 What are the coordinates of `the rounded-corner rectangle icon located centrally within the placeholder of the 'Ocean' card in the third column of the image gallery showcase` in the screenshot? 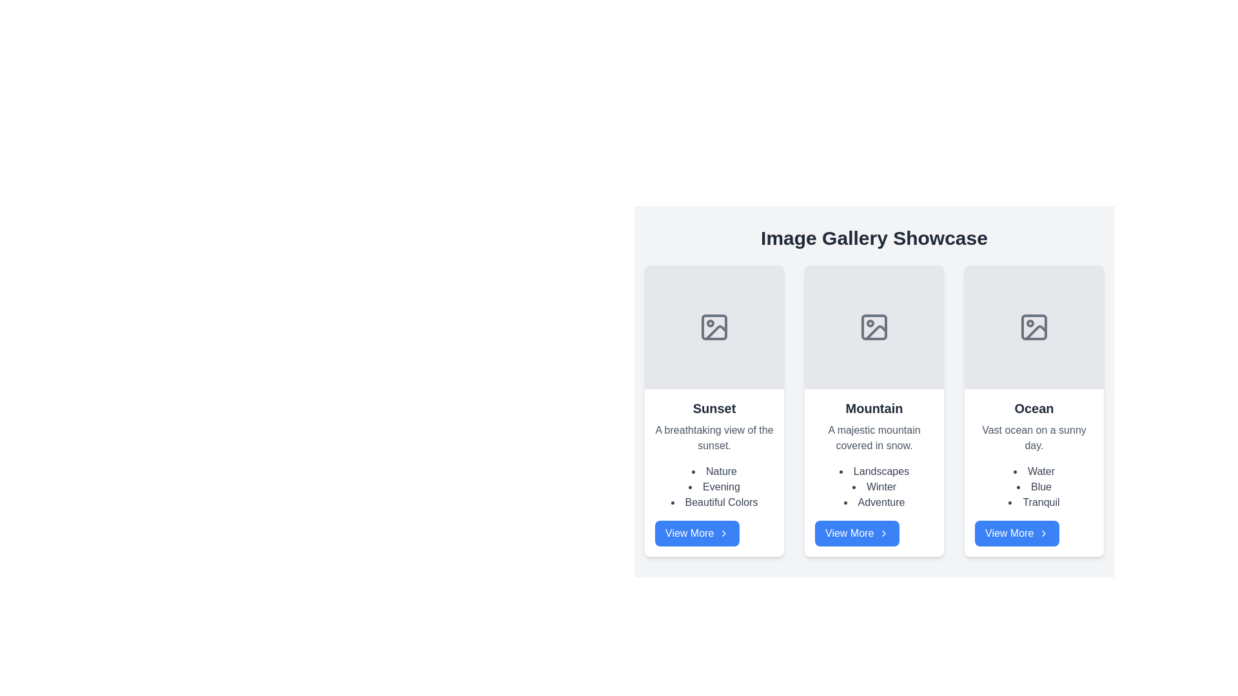 It's located at (1034, 327).